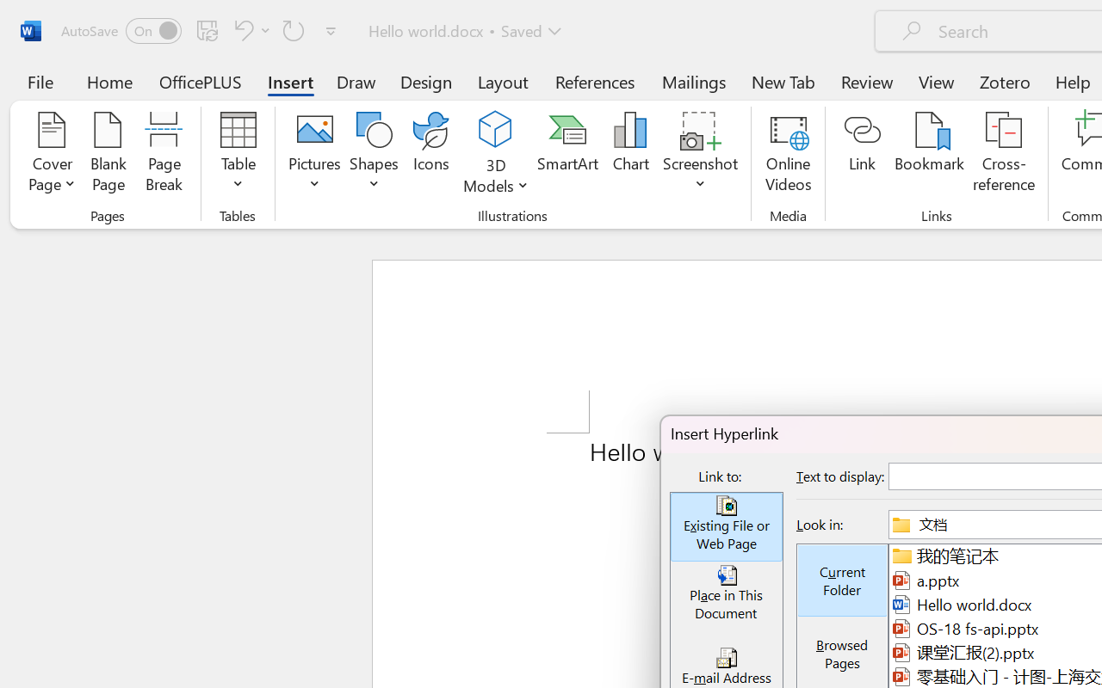 This screenshot has width=1102, height=688. Describe the element at coordinates (314, 154) in the screenshot. I see `'Pictures'` at that location.